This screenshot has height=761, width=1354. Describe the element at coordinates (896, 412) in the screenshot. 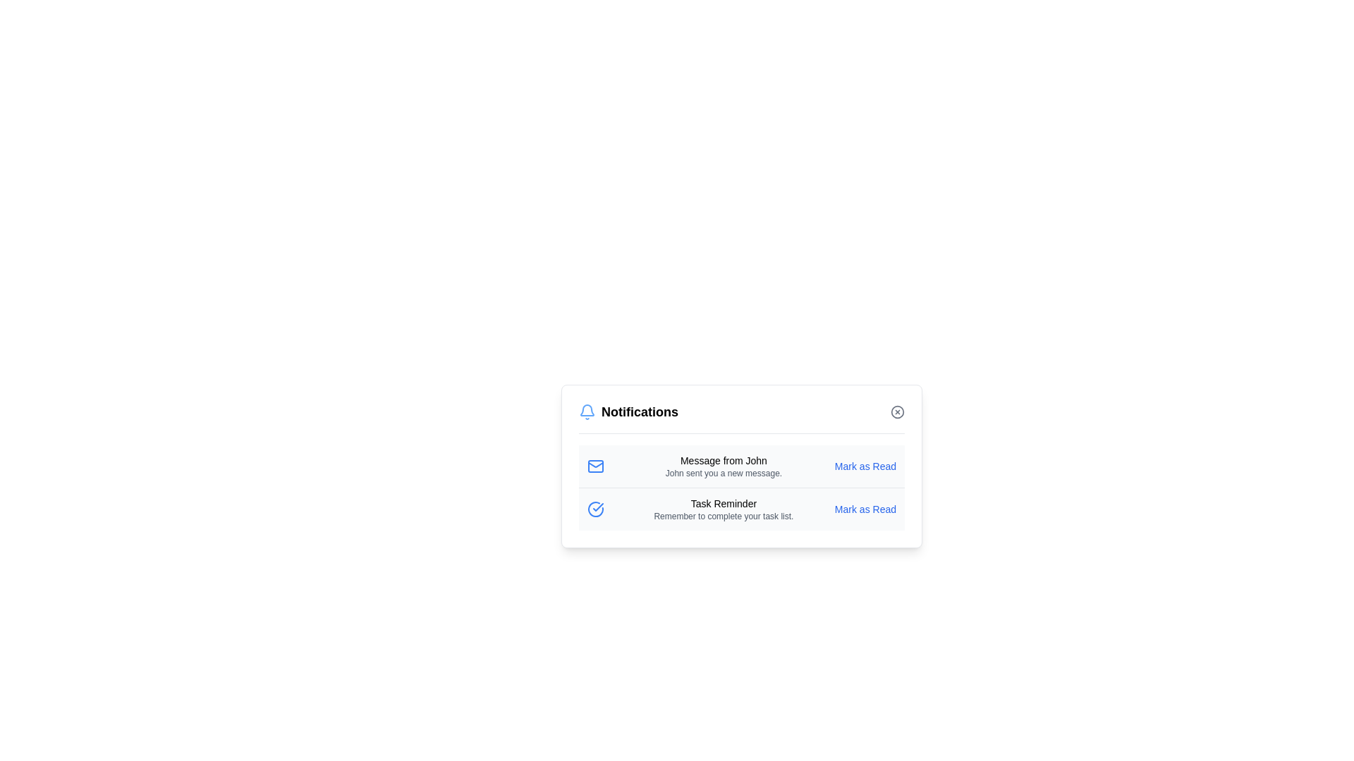

I see `the close button located at the upper-right corner of the 'Notifications' panel` at that location.